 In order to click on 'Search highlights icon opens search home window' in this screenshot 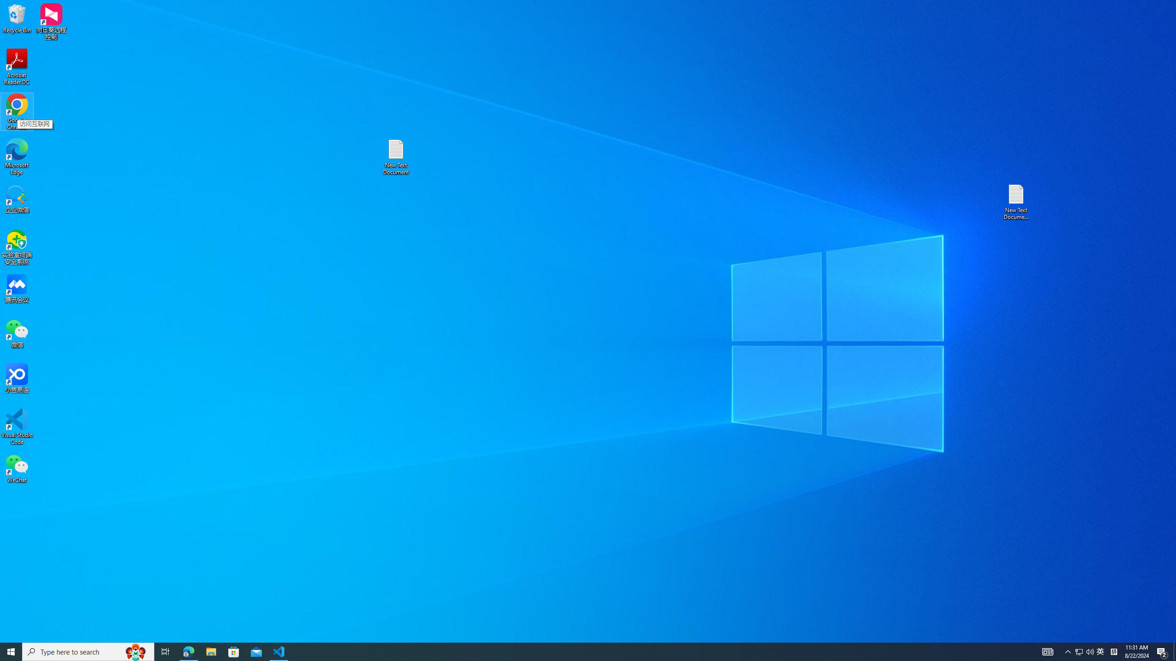, I will do `click(135, 651)`.